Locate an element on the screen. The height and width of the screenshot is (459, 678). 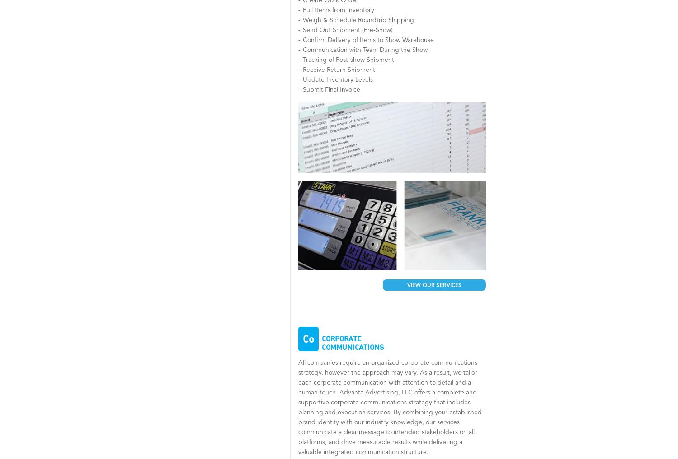
'Communication with Team During the Show' is located at coordinates (303, 50).